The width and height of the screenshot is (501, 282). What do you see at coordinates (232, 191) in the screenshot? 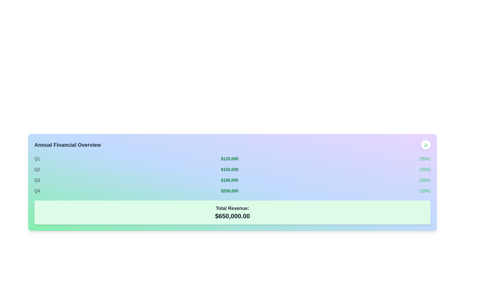
I see `the Text Grouping displaying 'Q4', '$200,000', and '(10%)' in the 'Annual Financial Overview' section, which is the fourth item in a vertical list` at bounding box center [232, 191].